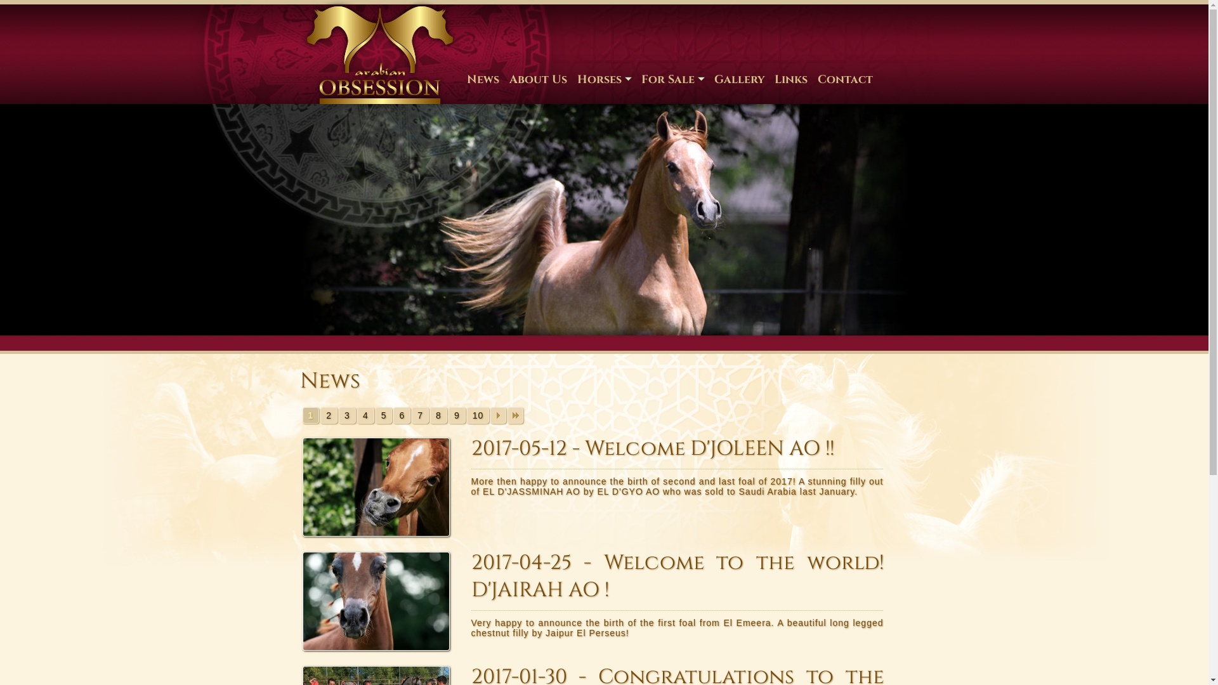 This screenshot has height=685, width=1218. Describe the element at coordinates (329, 415) in the screenshot. I see `'2'` at that location.